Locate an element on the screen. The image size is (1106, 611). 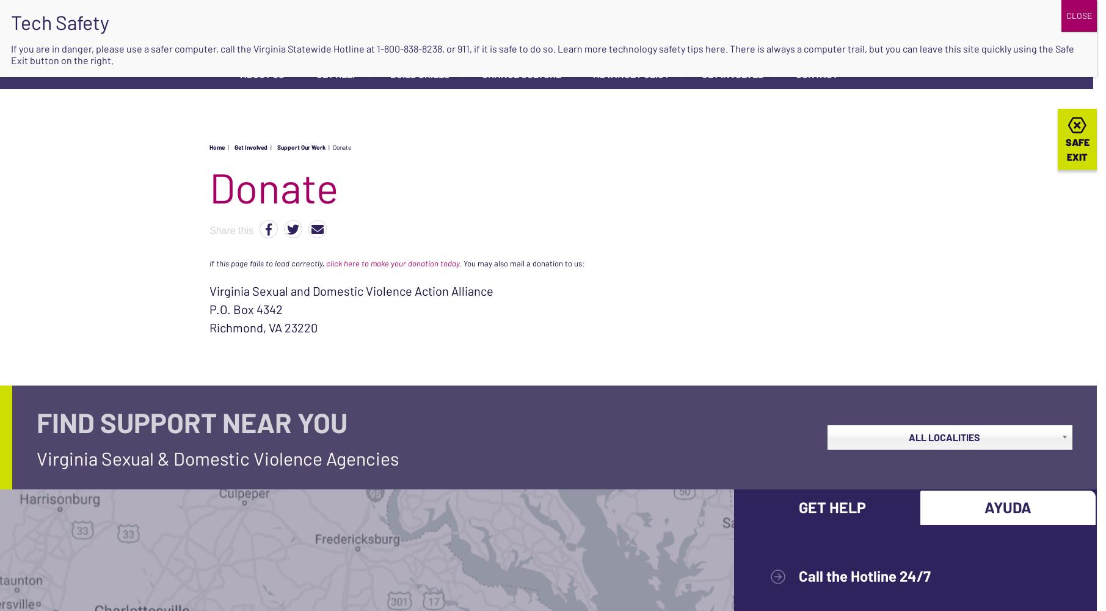
'All localities' is located at coordinates (943, 436).